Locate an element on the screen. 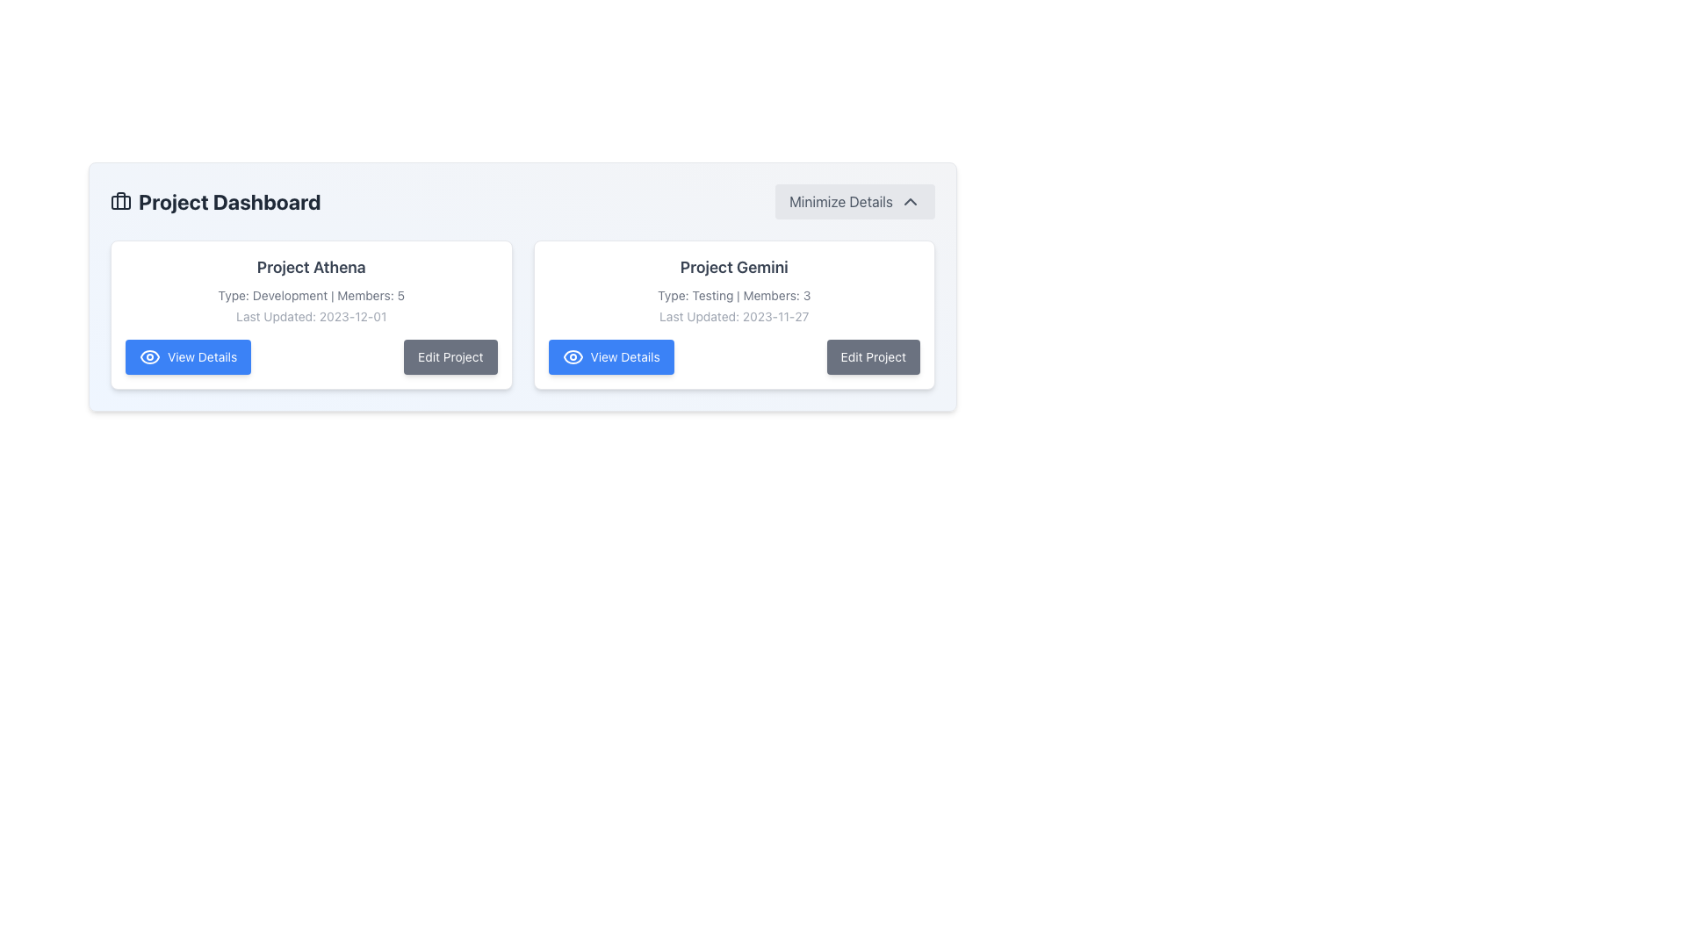  informational context provided by the Text Label located under the heading 'Project Gemini', which details the type and member count of the project is located at coordinates (734, 294).